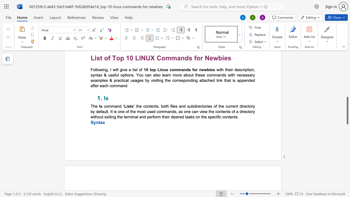  Describe the element at coordinates (347, 65) in the screenshot. I see `the scrollbar on the right to move the page upward` at that location.